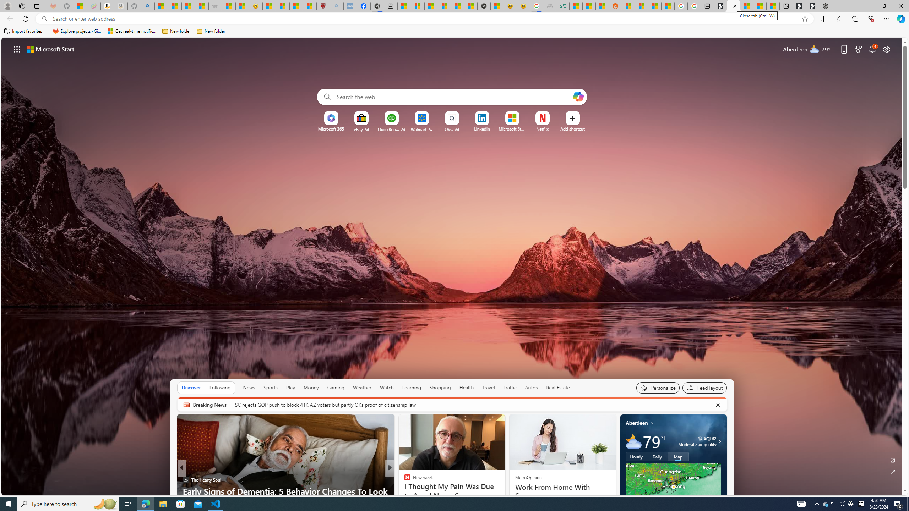  What do you see at coordinates (628, 6) in the screenshot?
I see `'R******* | Trusted Community Engagement and Contributions'` at bounding box center [628, 6].